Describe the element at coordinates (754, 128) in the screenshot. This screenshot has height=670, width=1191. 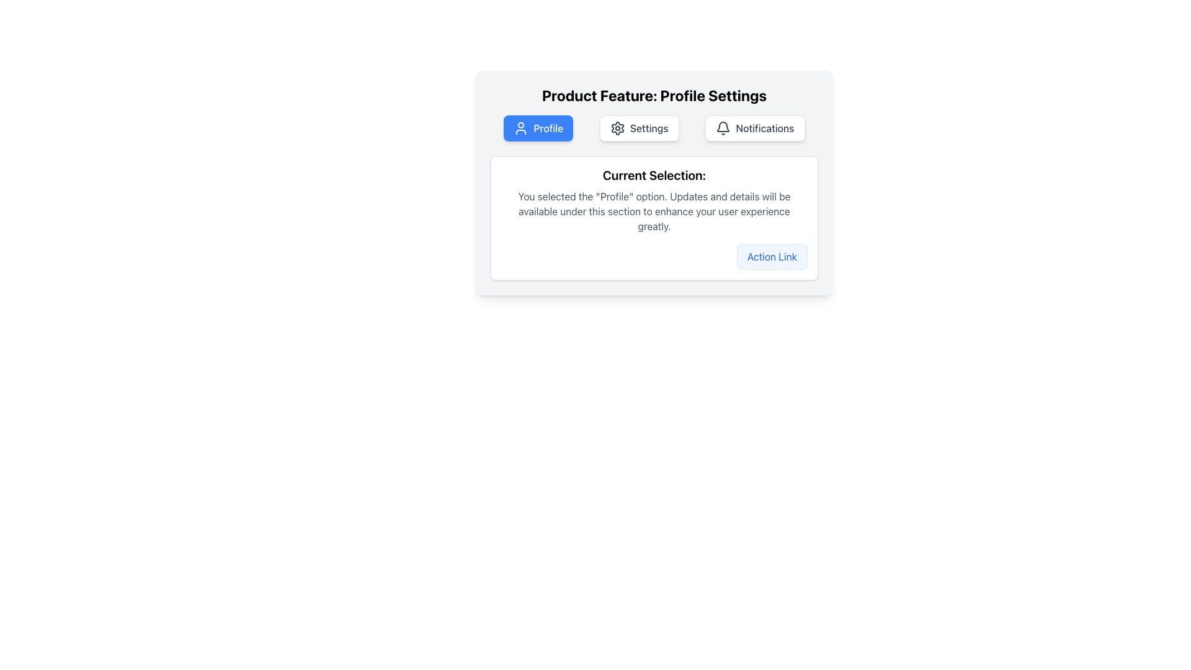
I see `the third button on the horizontal bar that navigates to the 'Notifications' section` at that location.